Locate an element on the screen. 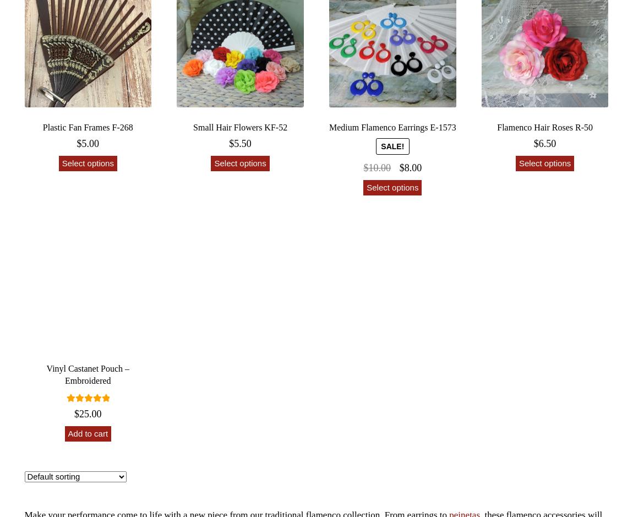 The image size is (633, 517). '8.00' is located at coordinates (412, 167).